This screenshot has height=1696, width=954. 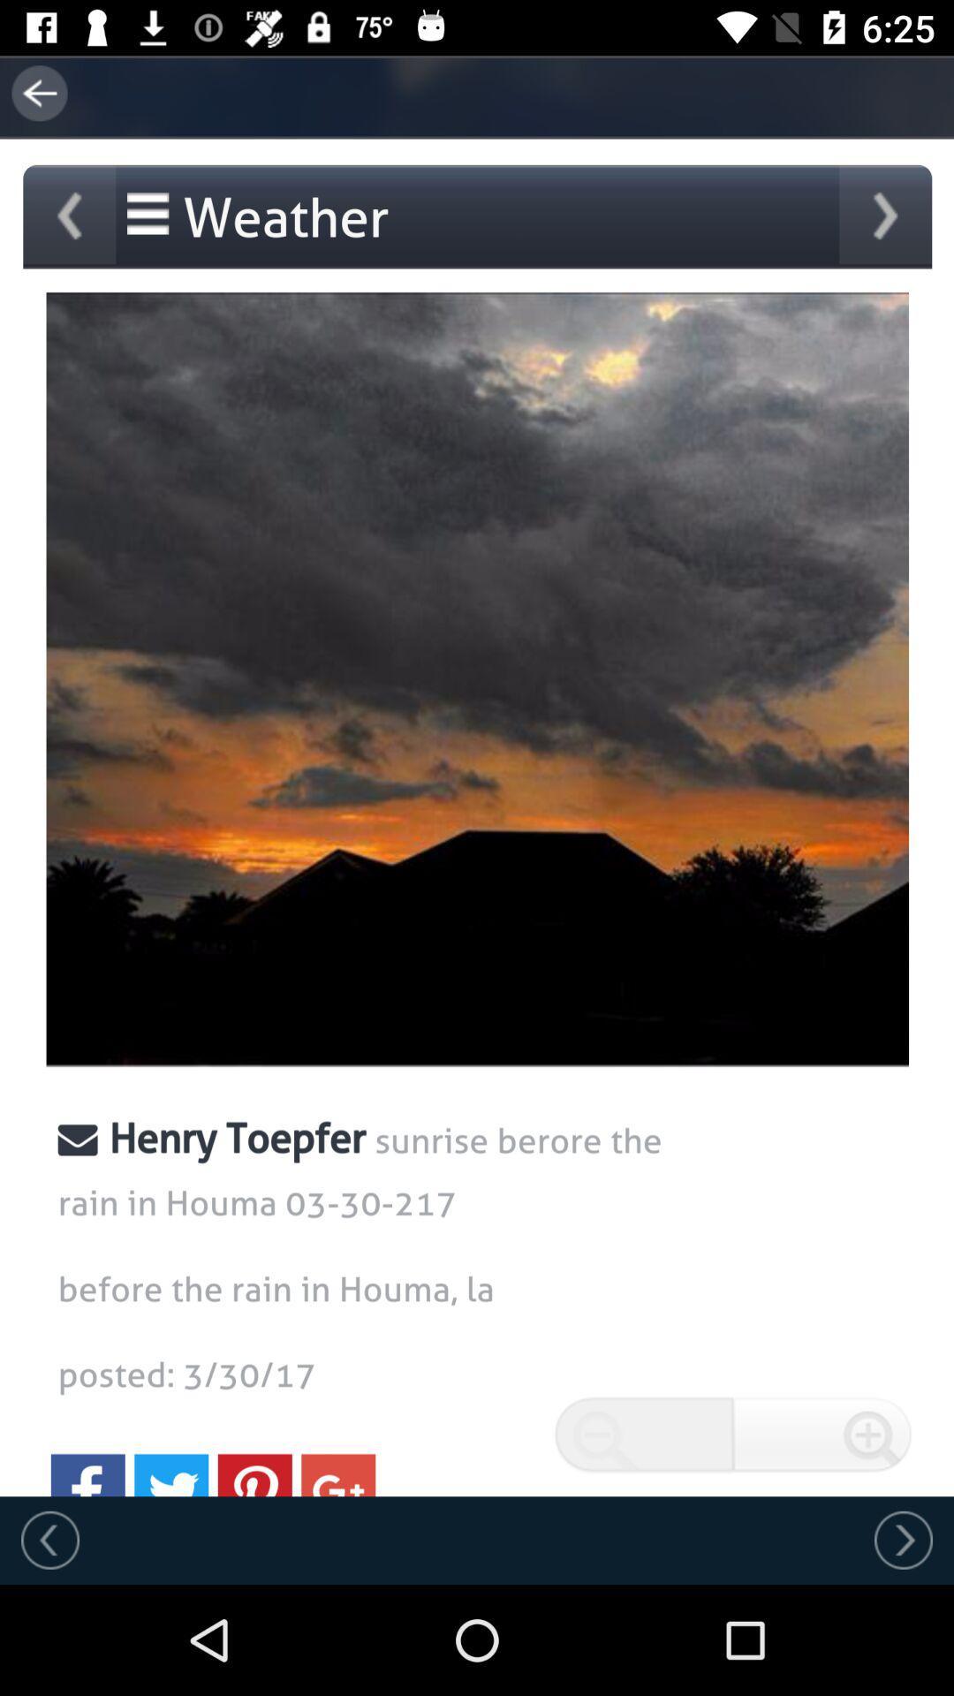 What do you see at coordinates (50, 92) in the screenshot?
I see `the arrow_backward icon` at bounding box center [50, 92].